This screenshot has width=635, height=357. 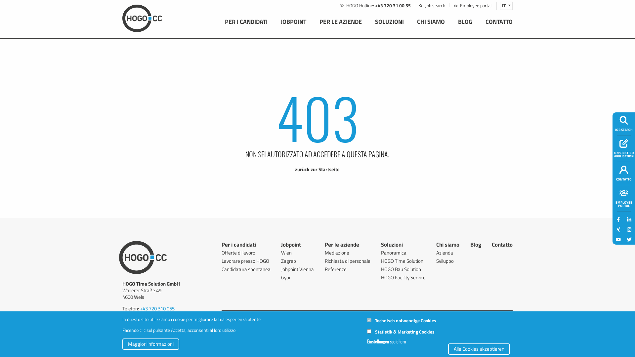 What do you see at coordinates (274, 26) in the screenshot?
I see `'JOBPOINT'` at bounding box center [274, 26].